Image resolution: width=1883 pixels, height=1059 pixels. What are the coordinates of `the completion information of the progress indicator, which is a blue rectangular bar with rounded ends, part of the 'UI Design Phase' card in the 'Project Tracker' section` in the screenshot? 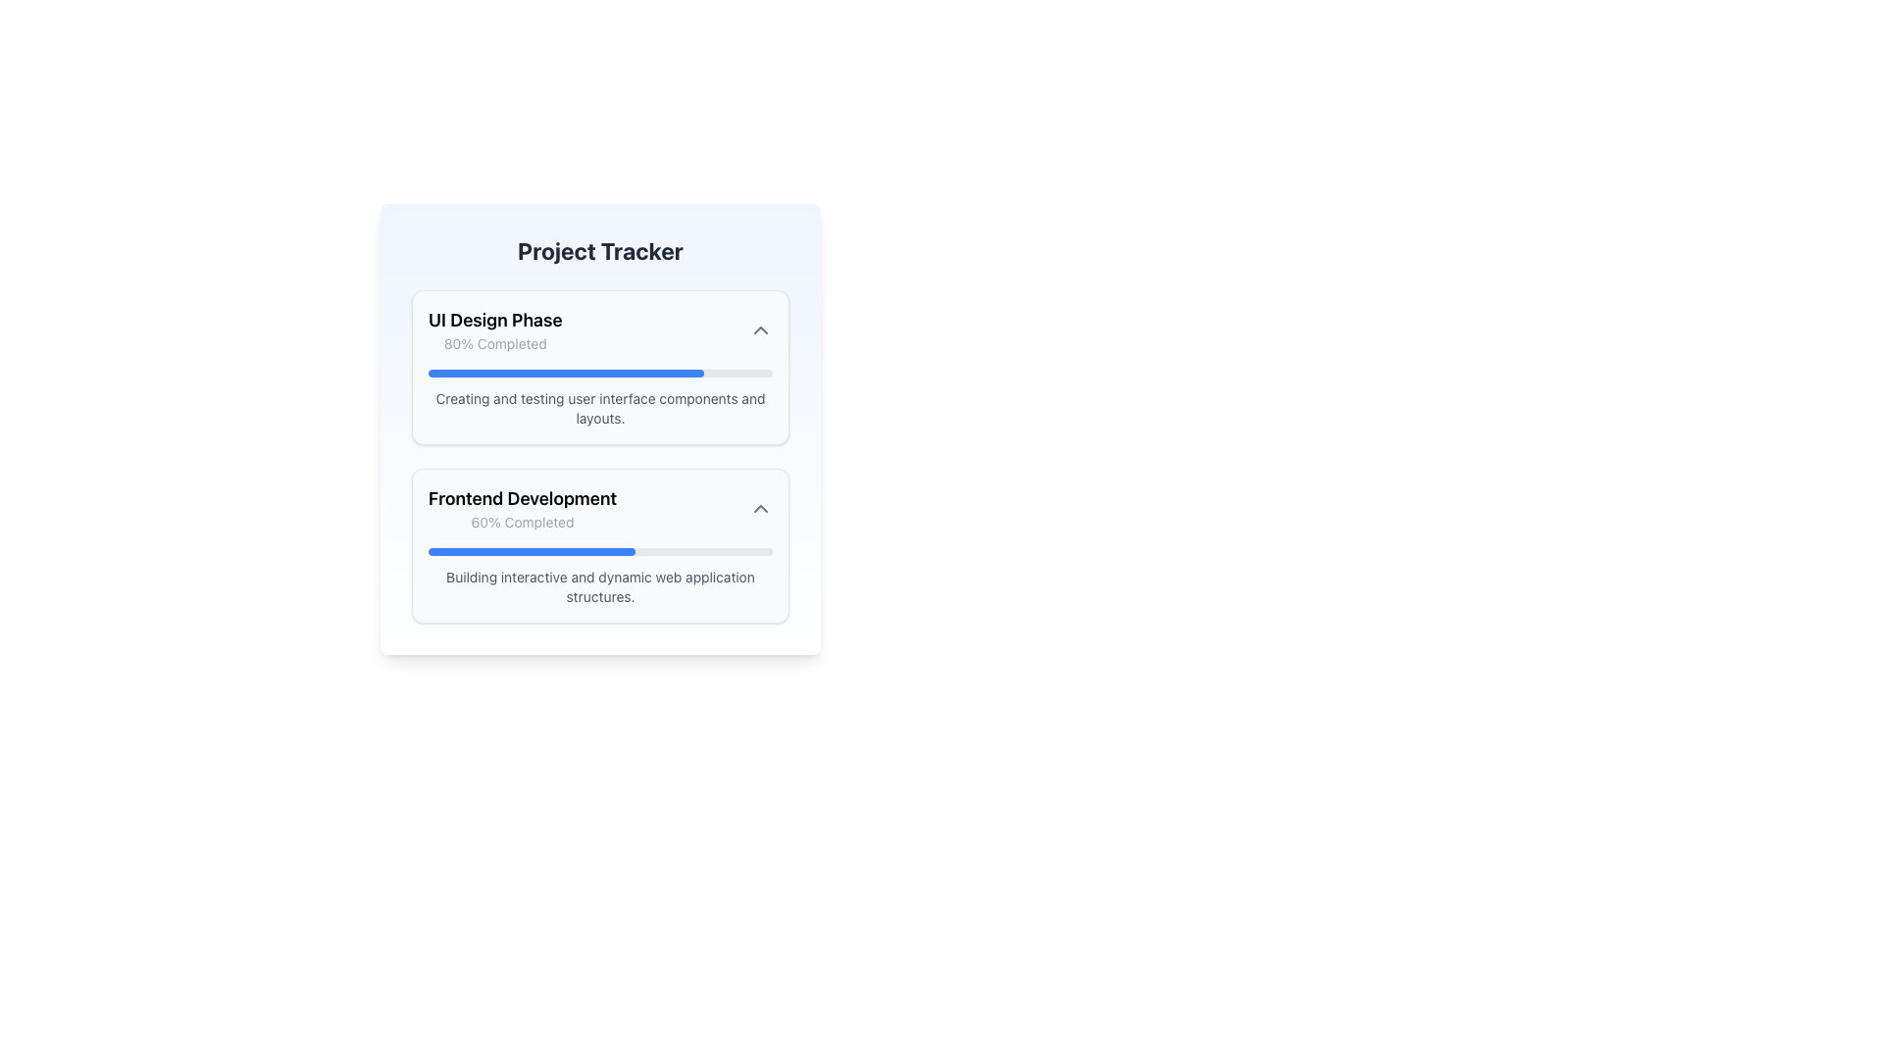 It's located at (565, 374).